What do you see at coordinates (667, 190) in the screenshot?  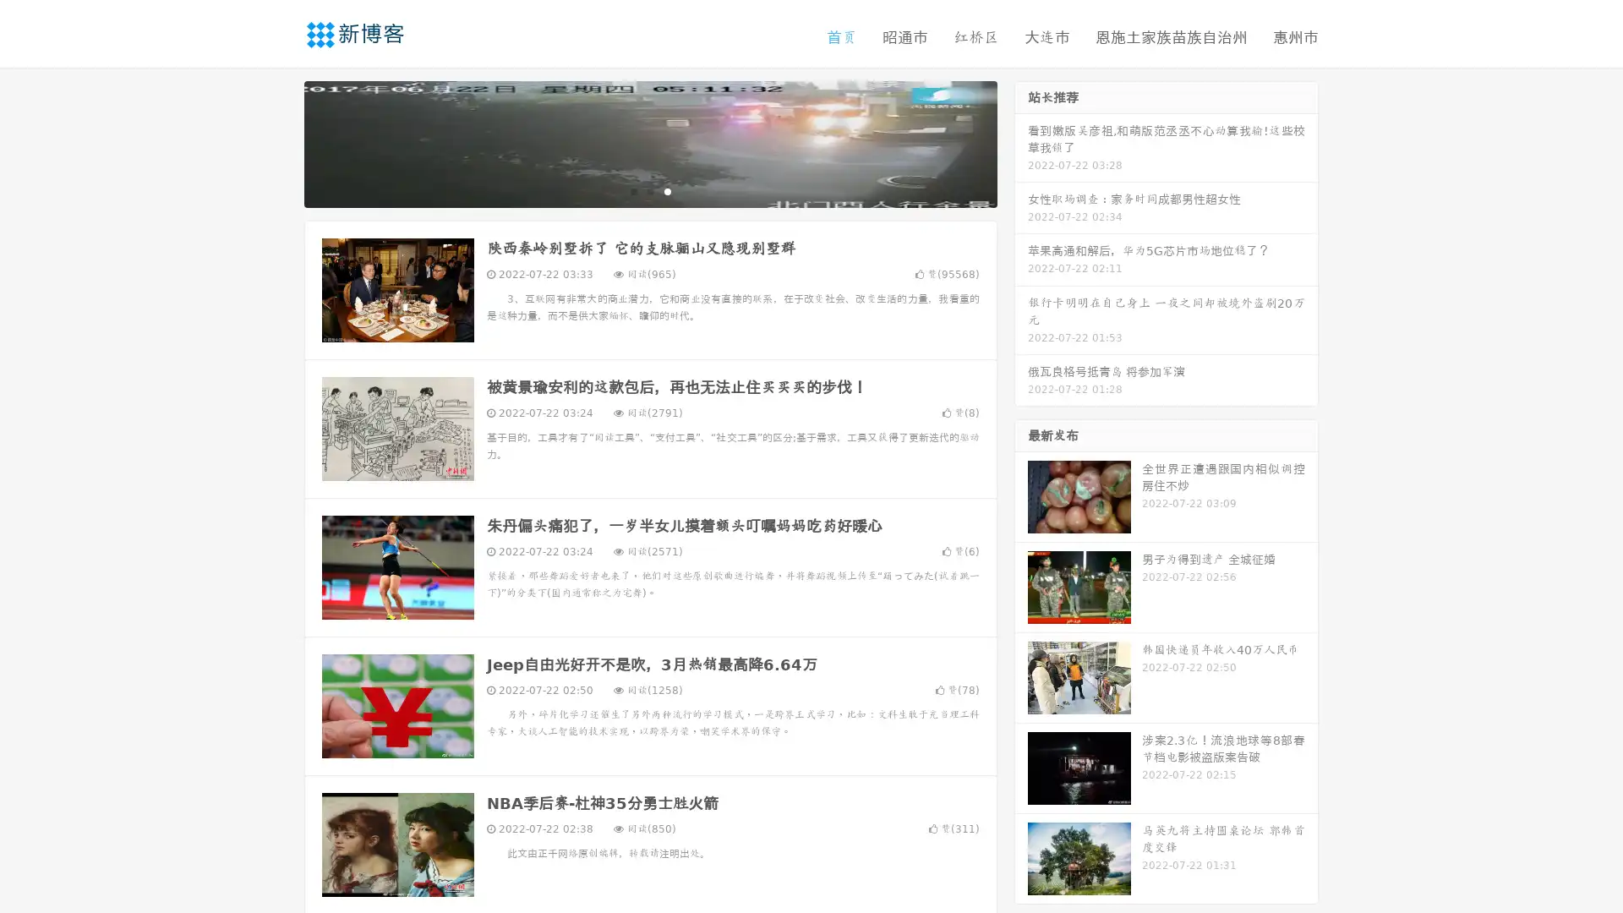 I see `Go to slide 3` at bounding box center [667, 190].